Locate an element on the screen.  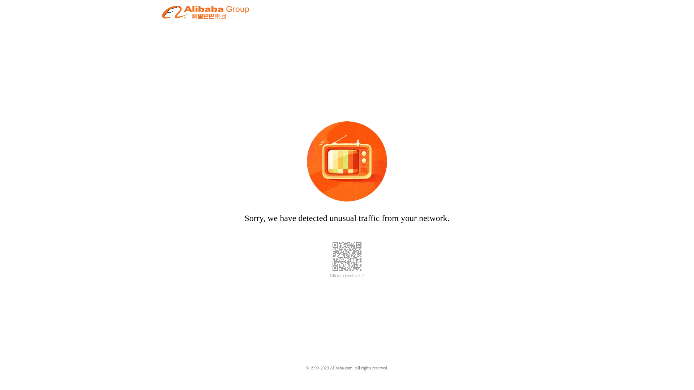
'Click to feedback >' is located at coordinates (347, 276).